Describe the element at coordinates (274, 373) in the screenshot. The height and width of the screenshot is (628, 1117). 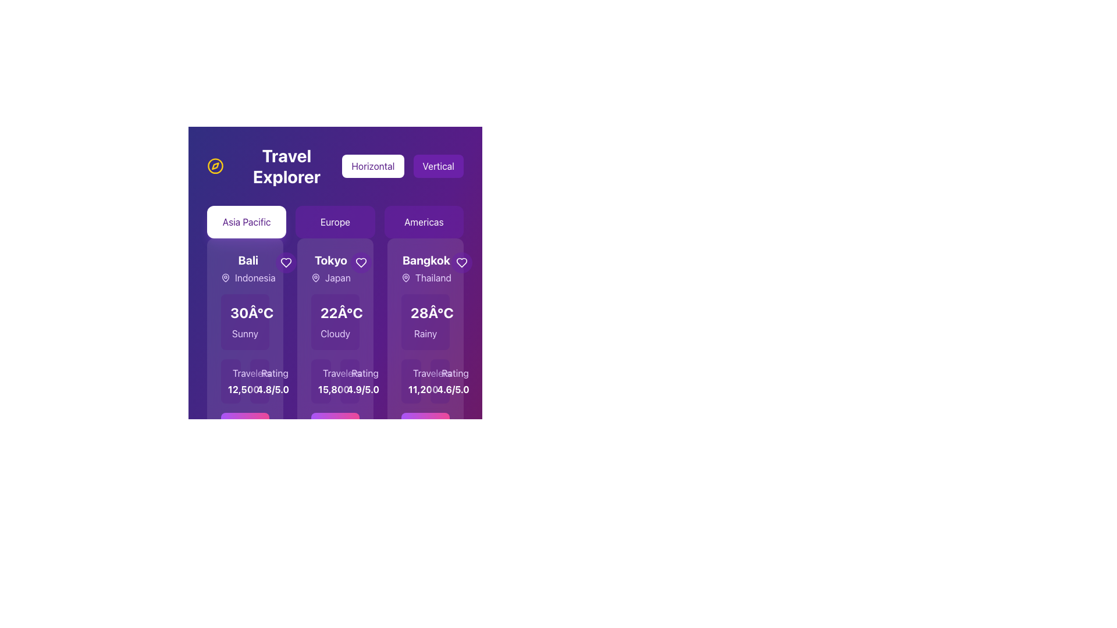
I see `text label indicating the rating score for Tokyo, Japan, located in the second column of the three-card layout` at that location.